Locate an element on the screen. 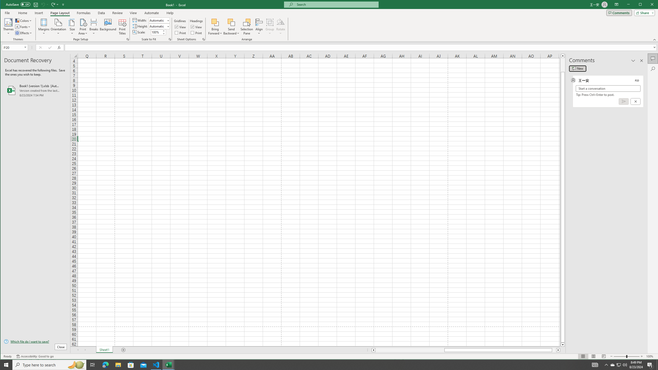 Image resolution: width=658 pixels, height=370 pixels. 'Start a conversation' is located at coordinates (608, 88).